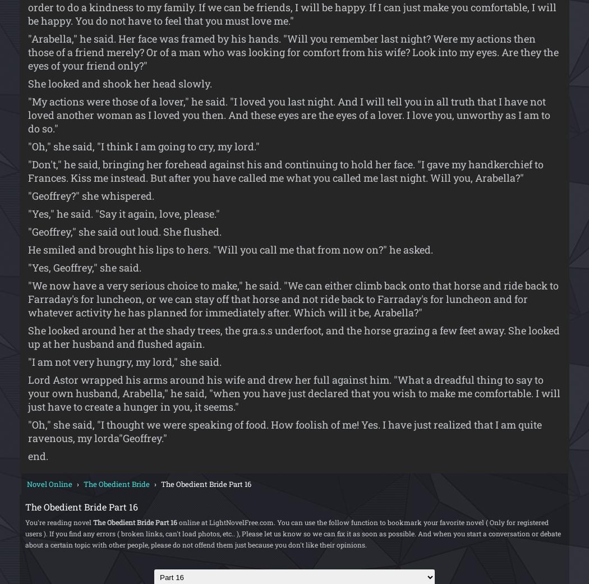 The image size is (589, 584). What do you see at coordinates (38, 455) in the screenshot?
I see `'end.'` at bounding box center [38, 455].